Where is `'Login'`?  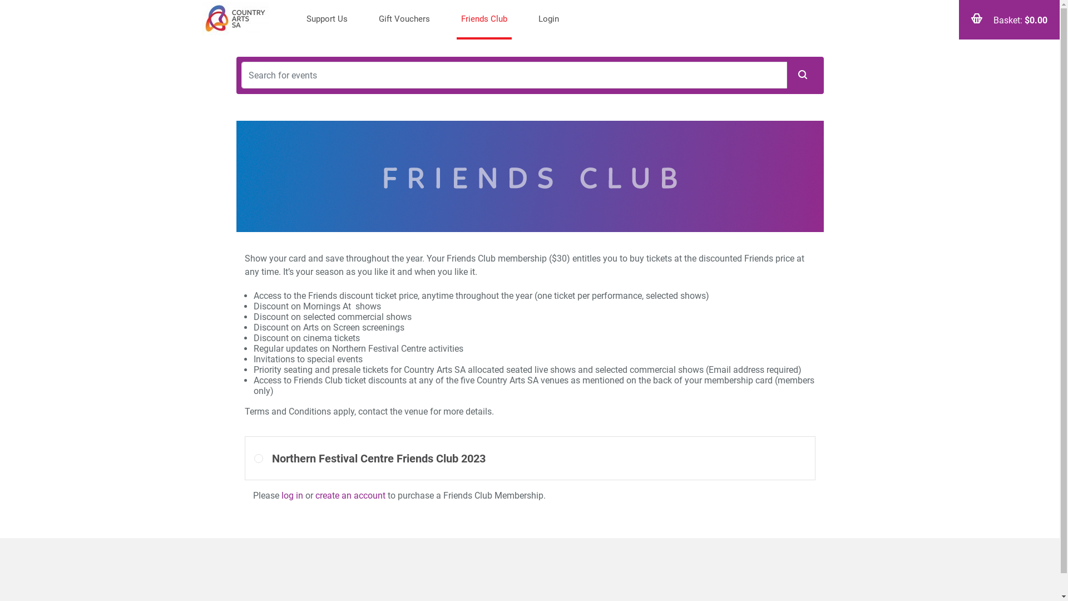 'Login' is located at coordinates (534, 19).